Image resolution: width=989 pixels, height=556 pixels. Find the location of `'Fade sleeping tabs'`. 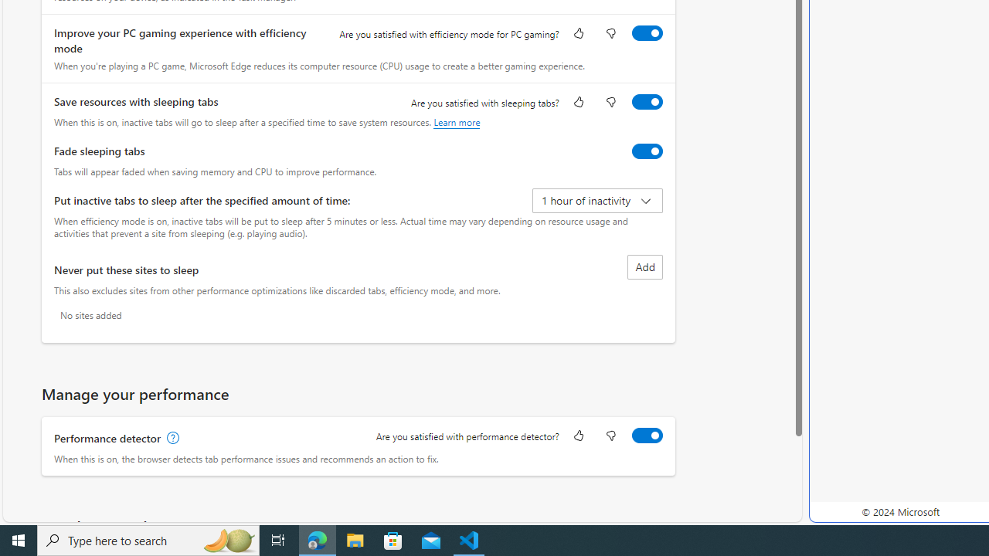

'Fade sleeping tabs' is located at coordinates (647, 151).